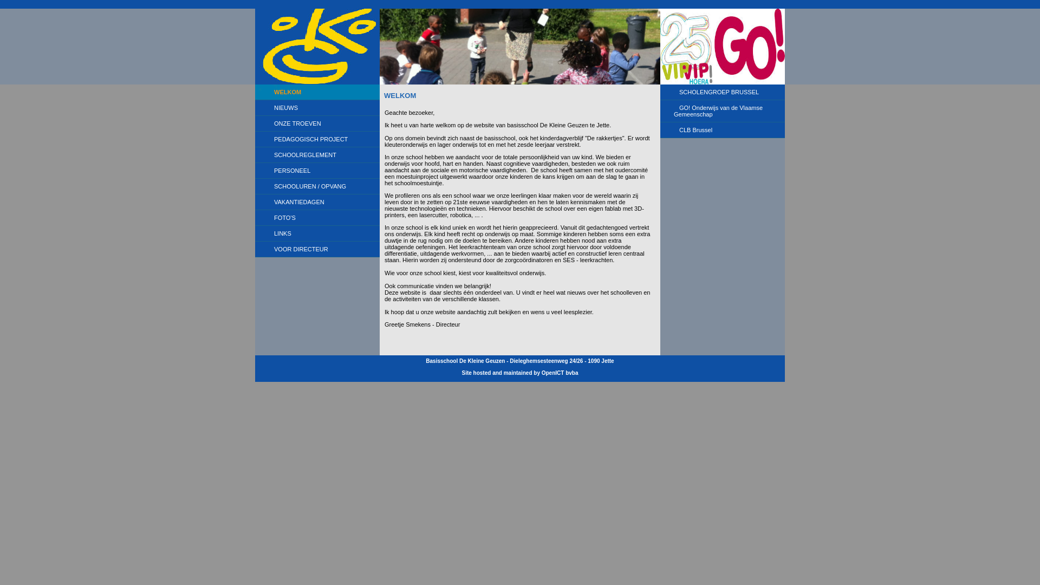  I want to click on 'OpenICT bvba', so click(541, 372).